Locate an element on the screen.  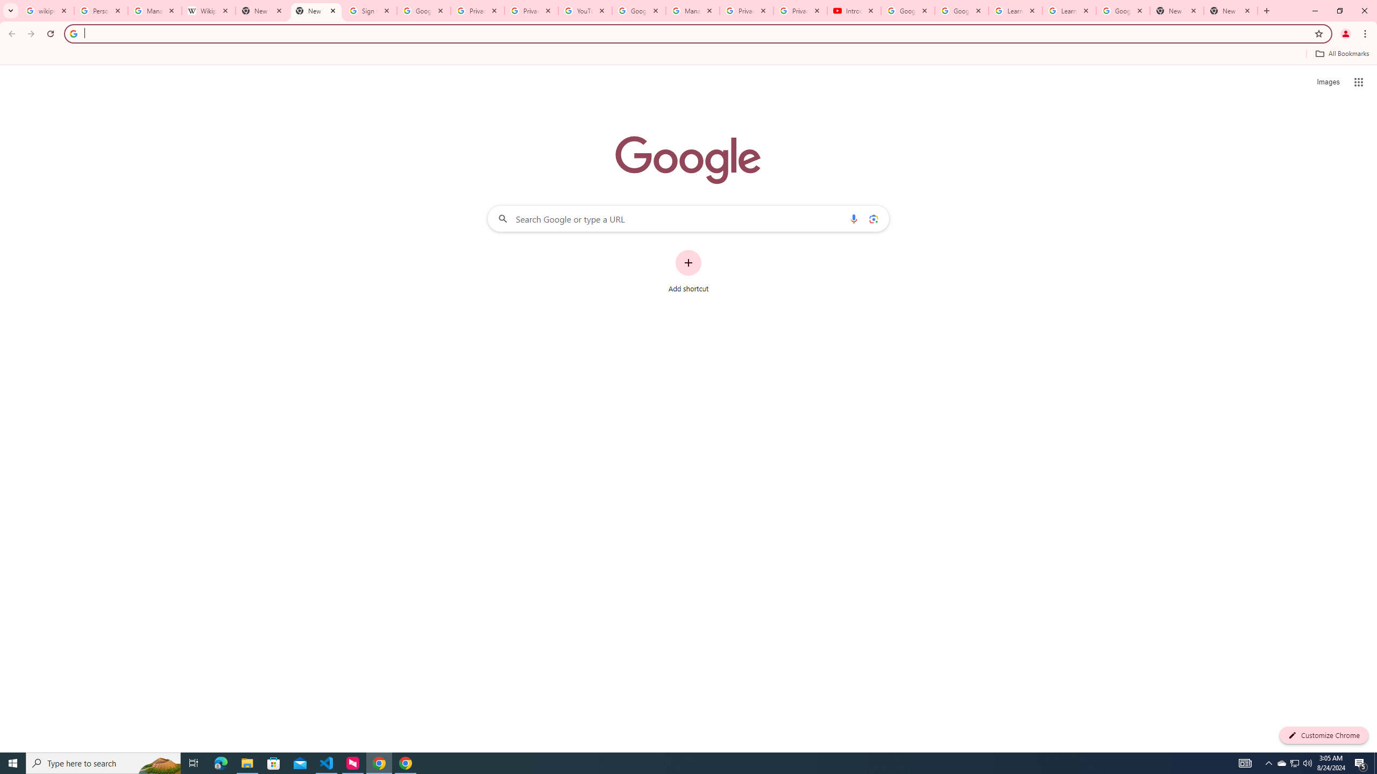
'Manage your Location History - Google Search Help' is located at coordinates (155, 10).